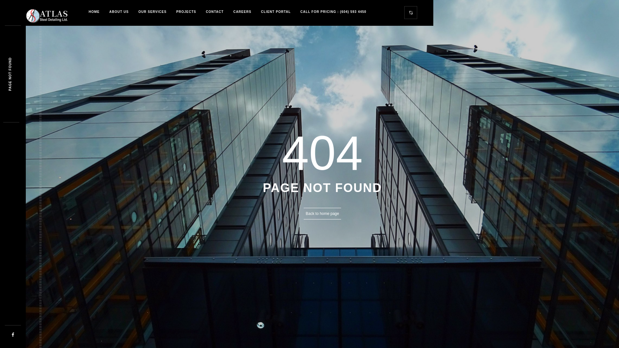 This screenshot has width=619, height=348. What do you see at coordinates (242, 12) in the screenshot?
I see `'CAREERS'` at bounding box center [242, 12].